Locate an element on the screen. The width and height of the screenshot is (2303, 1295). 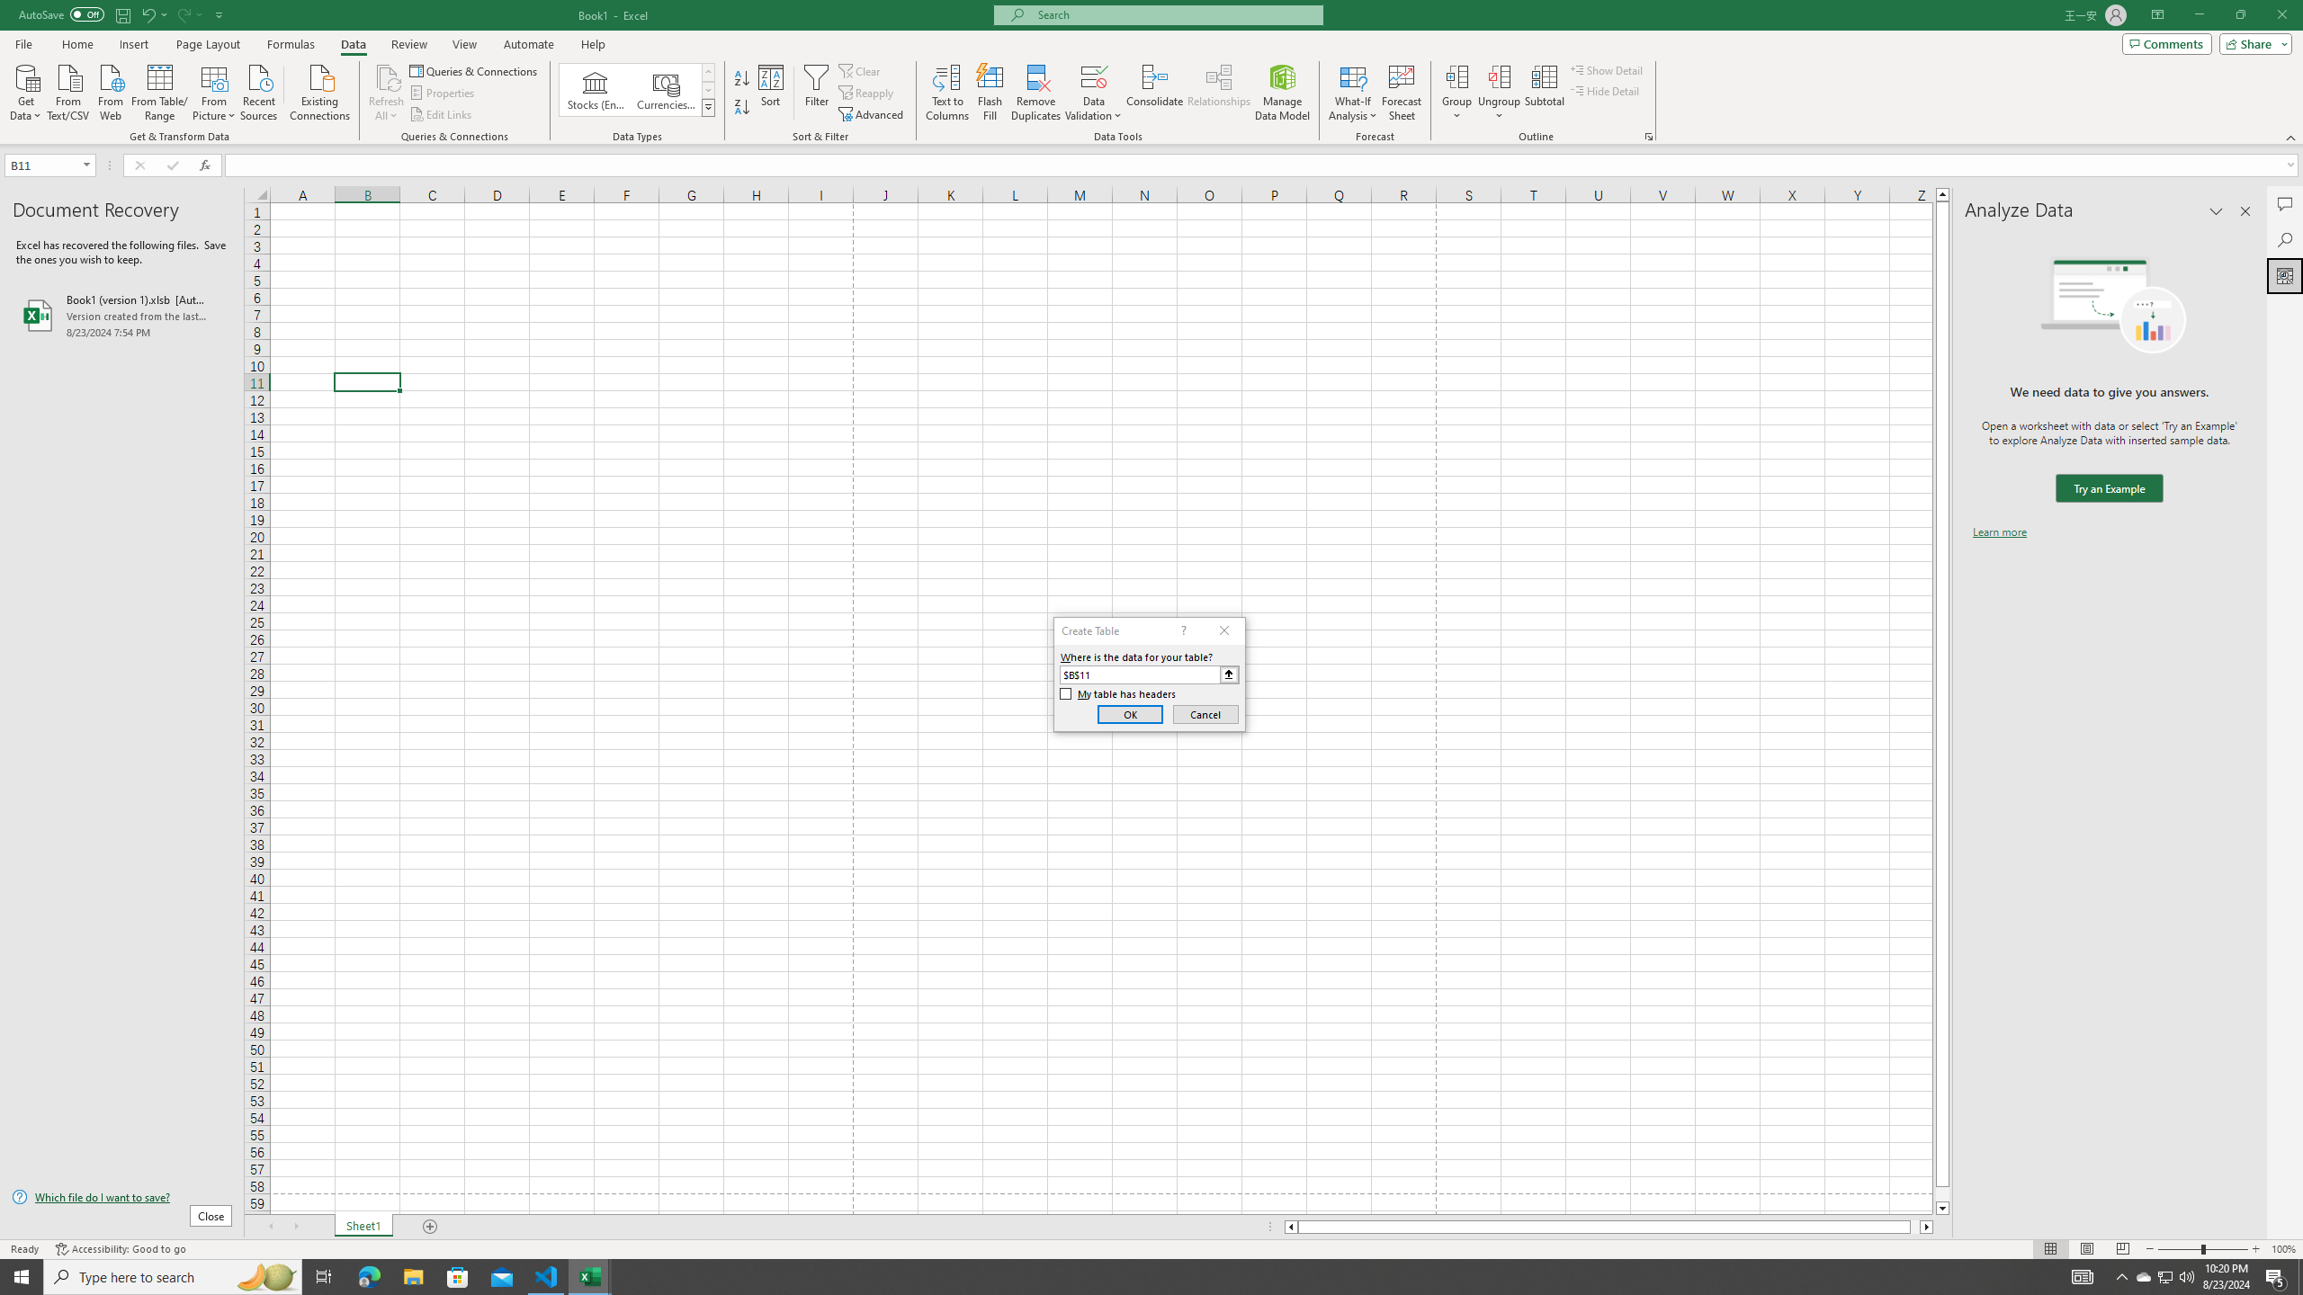
'Consolidate...' is located at coordinates (1154, 93).